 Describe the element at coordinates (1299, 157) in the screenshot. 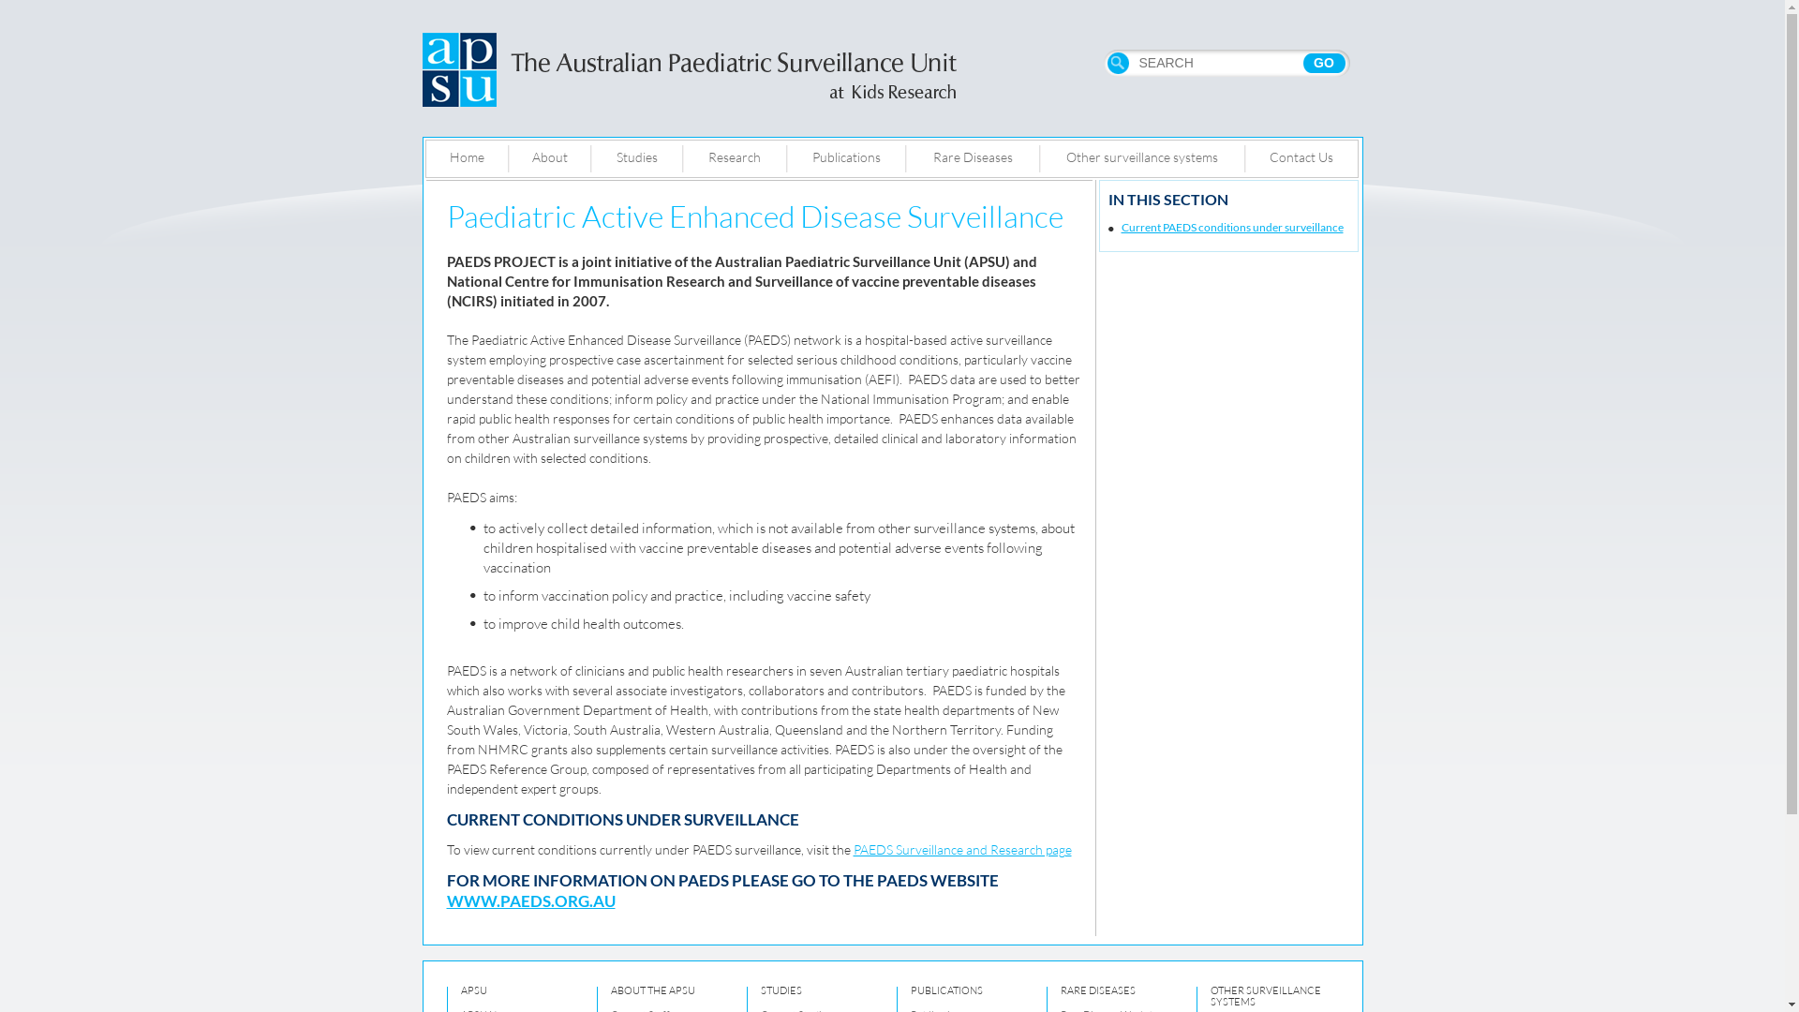

I see `'Contact Us'` at that location.